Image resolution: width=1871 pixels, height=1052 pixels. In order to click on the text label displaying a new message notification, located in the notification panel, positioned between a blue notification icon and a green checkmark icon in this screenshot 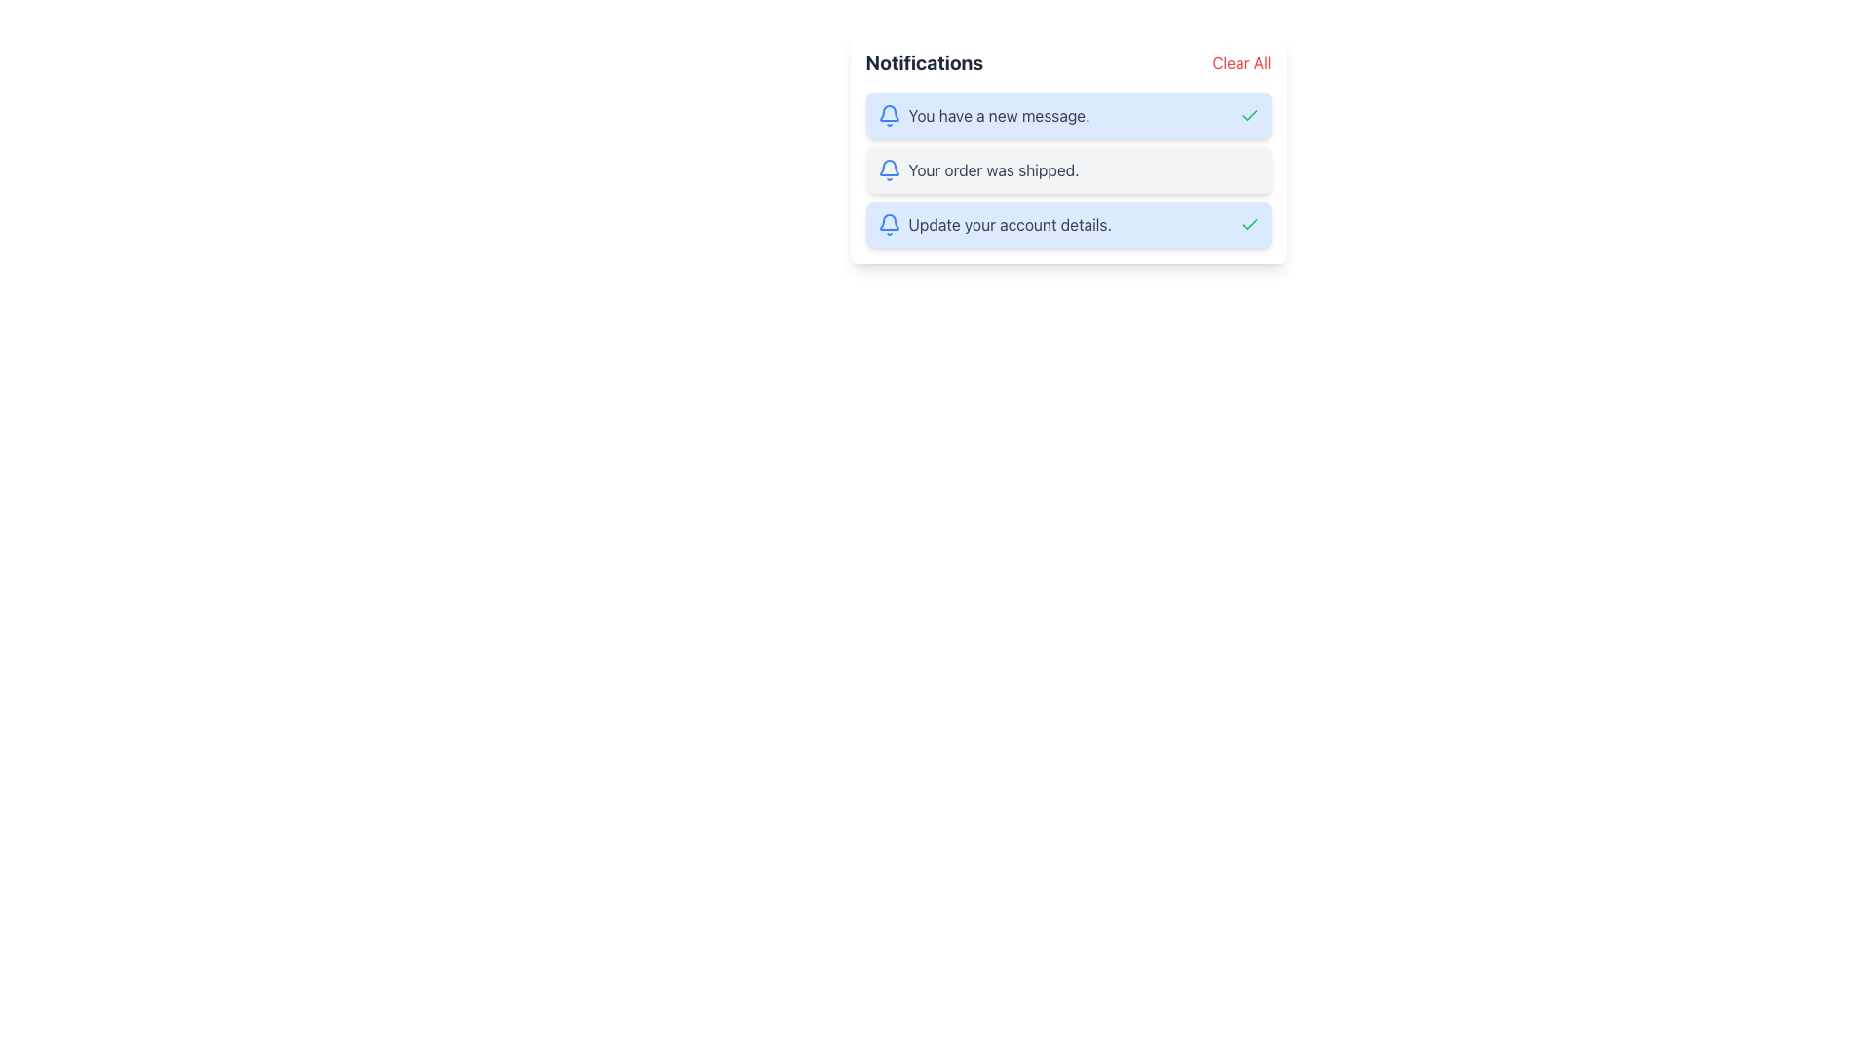, I will do `click(999, 116)`.